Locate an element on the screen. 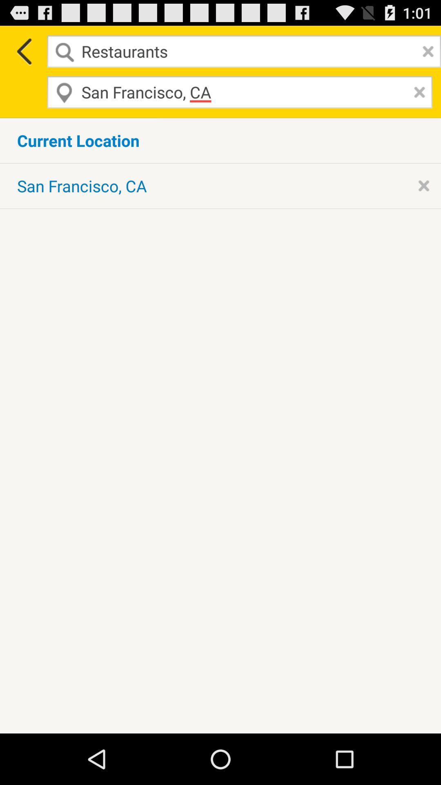  delete location is located at coordinates (417, 92).